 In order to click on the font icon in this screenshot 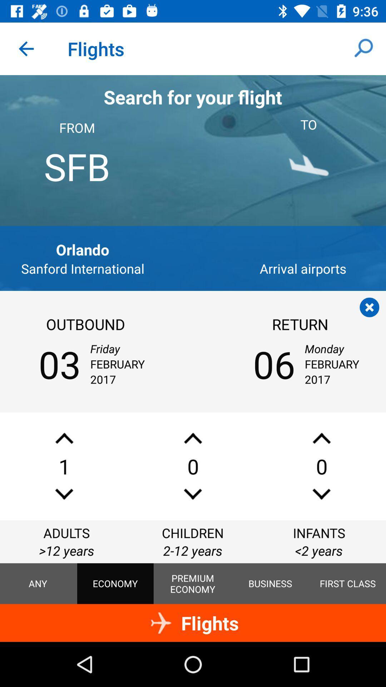, I will do `click(193, 438)`.